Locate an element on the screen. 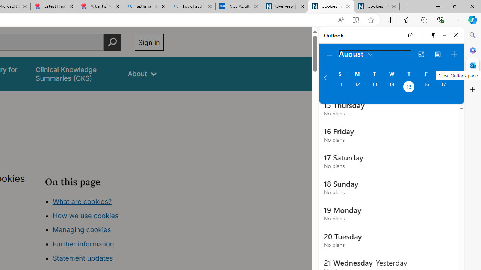 This screenshot has height=270, width=481. 'Friday, August 16, 2024. ' is located at coordinates (426, 87).